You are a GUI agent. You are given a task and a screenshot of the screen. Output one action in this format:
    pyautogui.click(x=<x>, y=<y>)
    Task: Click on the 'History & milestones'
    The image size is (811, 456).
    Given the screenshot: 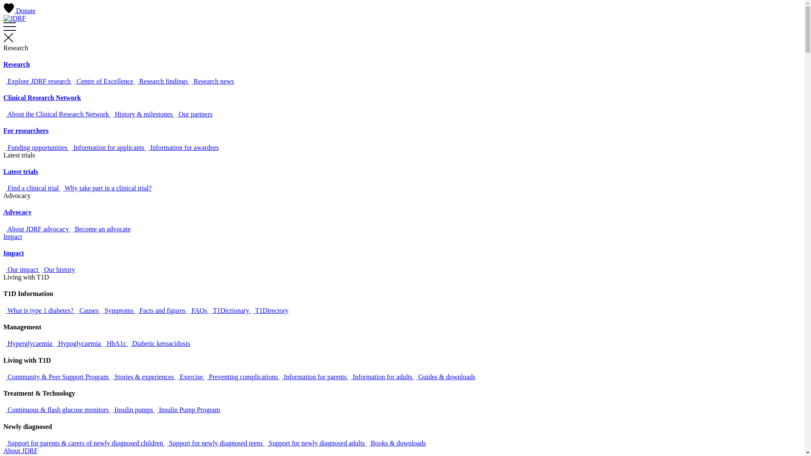 What is the action you would take?
    pyautogui.click(x=142, y=114)
    